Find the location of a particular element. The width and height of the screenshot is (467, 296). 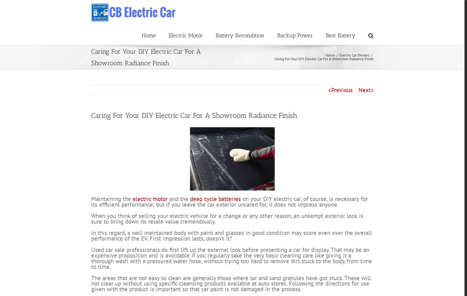

'Next' is located at coordinates (364, 111).